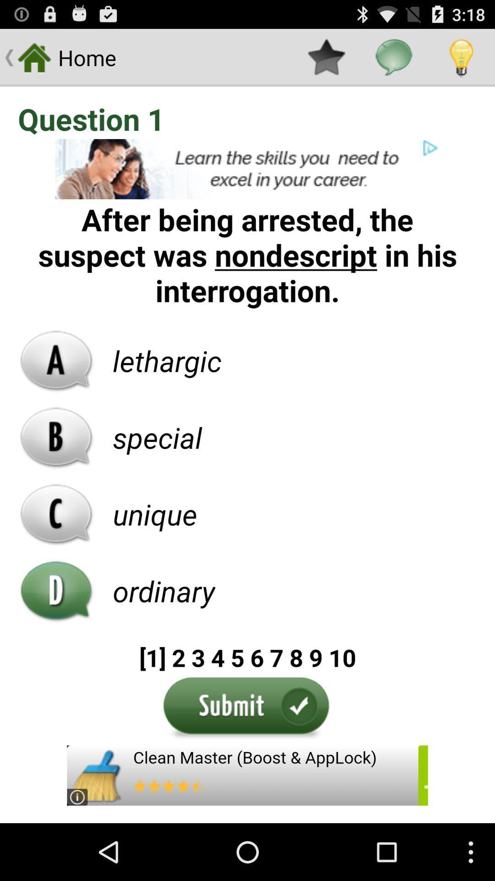 Image resolution: width=495 pixels, height=881 pixels. Describe the element at coordinates (164, 591) in the screenshot. I see `the text which is below the unique` at that location.